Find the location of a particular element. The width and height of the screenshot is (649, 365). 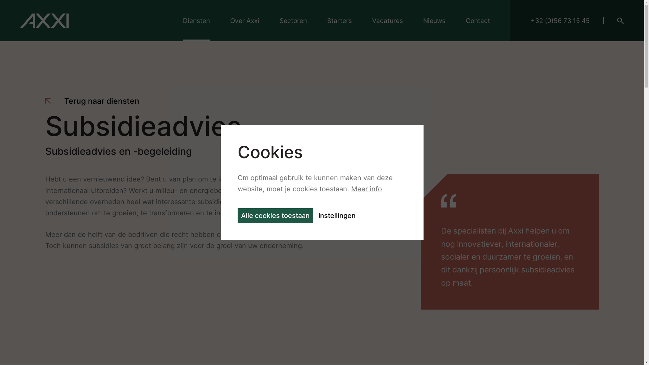

'Instellingen' is located at coordinates (337, 215).